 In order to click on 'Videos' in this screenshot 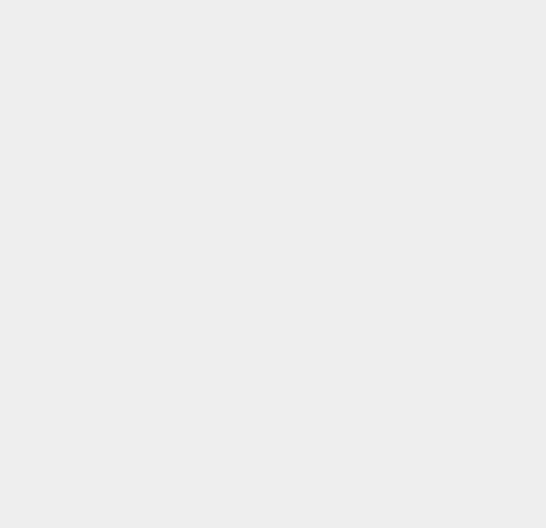, I will do `click(397, 401)`.